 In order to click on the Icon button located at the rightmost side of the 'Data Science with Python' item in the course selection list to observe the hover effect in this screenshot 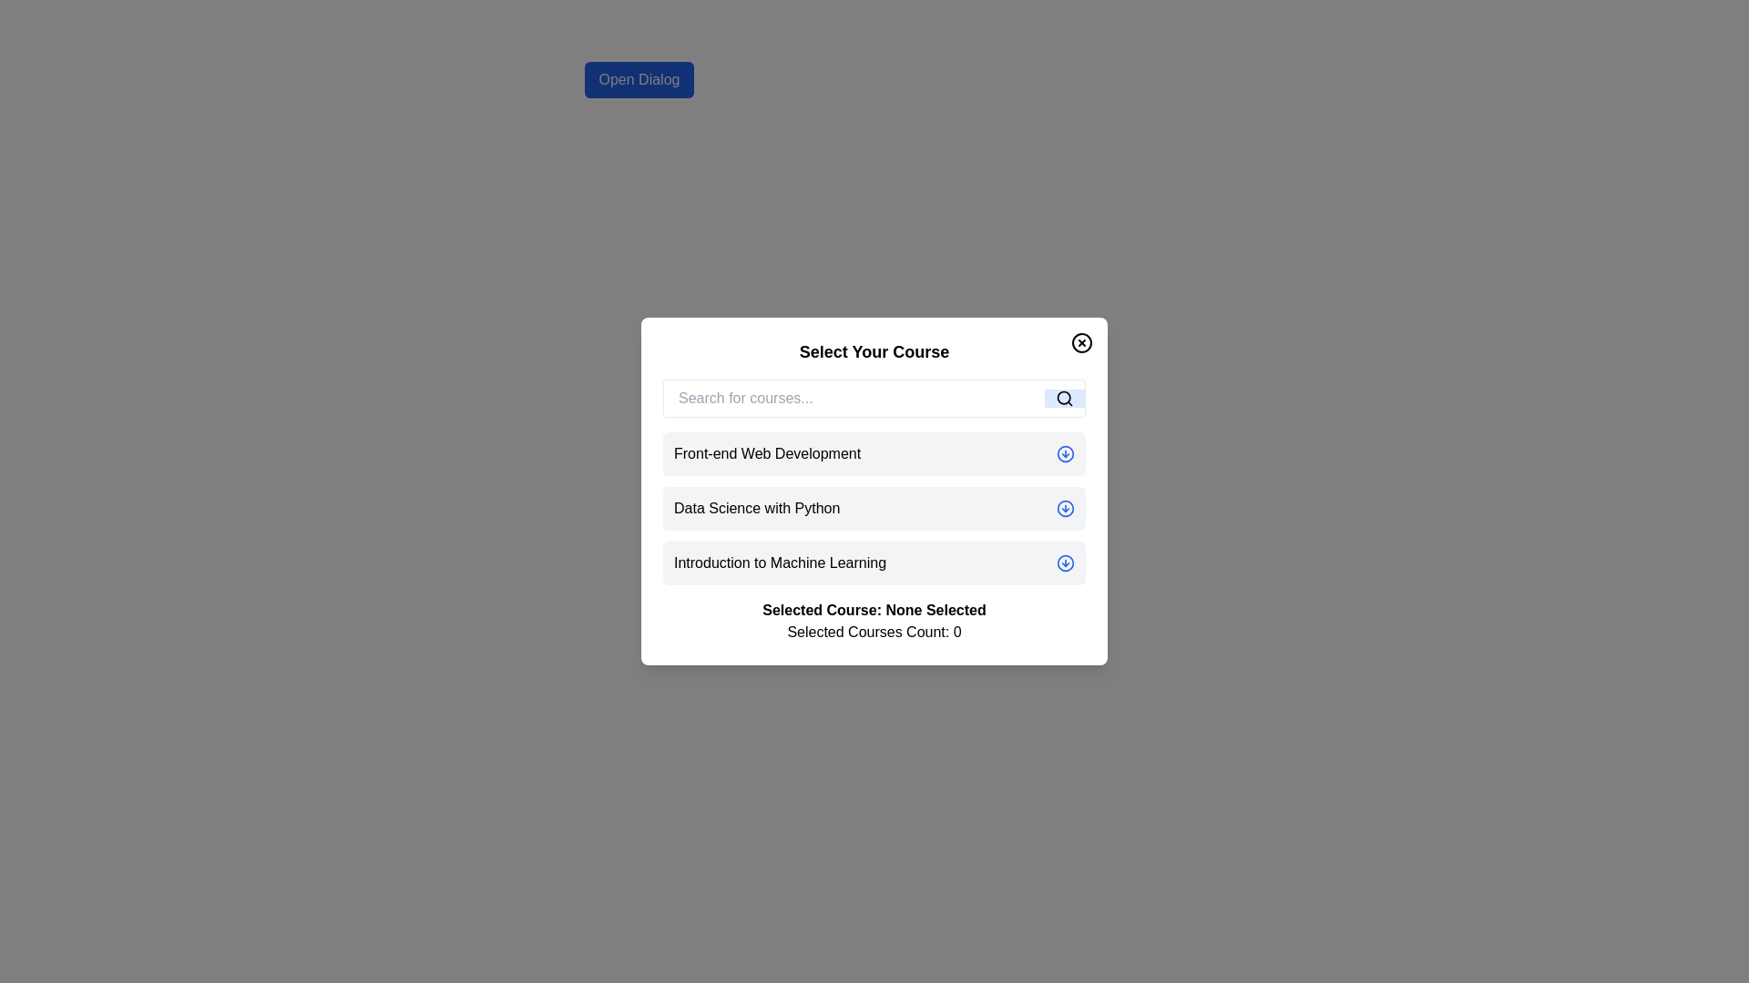, I will do `click(1066, 509)`.